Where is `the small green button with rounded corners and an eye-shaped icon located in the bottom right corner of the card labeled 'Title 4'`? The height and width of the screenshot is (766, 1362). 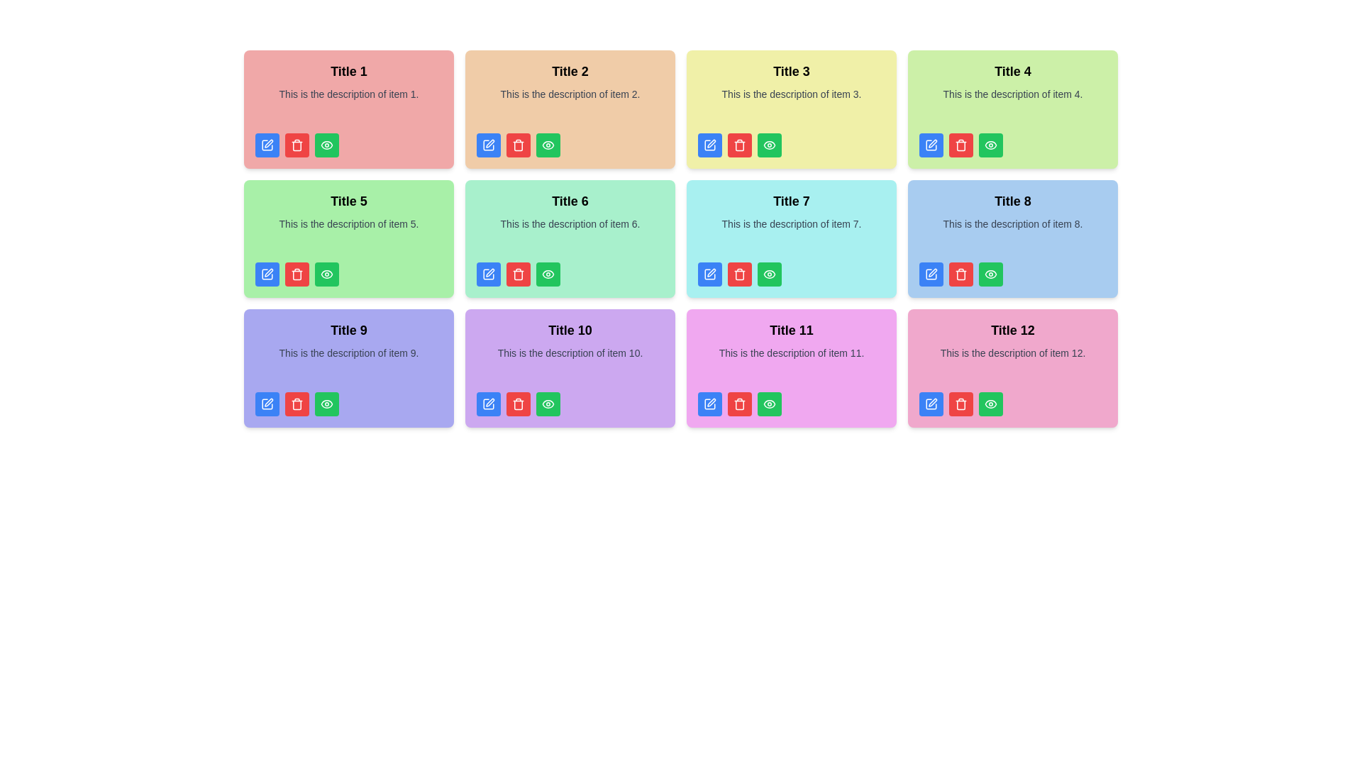
the small green button with rounded corners and an eye-shaped icon located in the bottom right corner of the card labeled 'Title 4' is located at coordinates (990, 145).